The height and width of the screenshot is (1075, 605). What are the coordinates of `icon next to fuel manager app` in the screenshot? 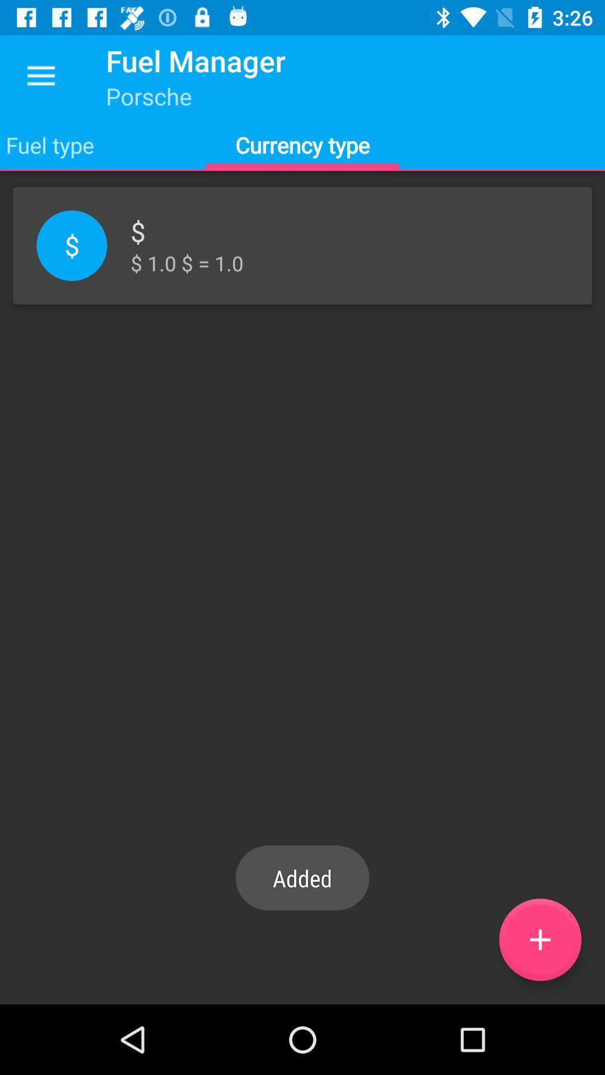 It's located at (40, 76).